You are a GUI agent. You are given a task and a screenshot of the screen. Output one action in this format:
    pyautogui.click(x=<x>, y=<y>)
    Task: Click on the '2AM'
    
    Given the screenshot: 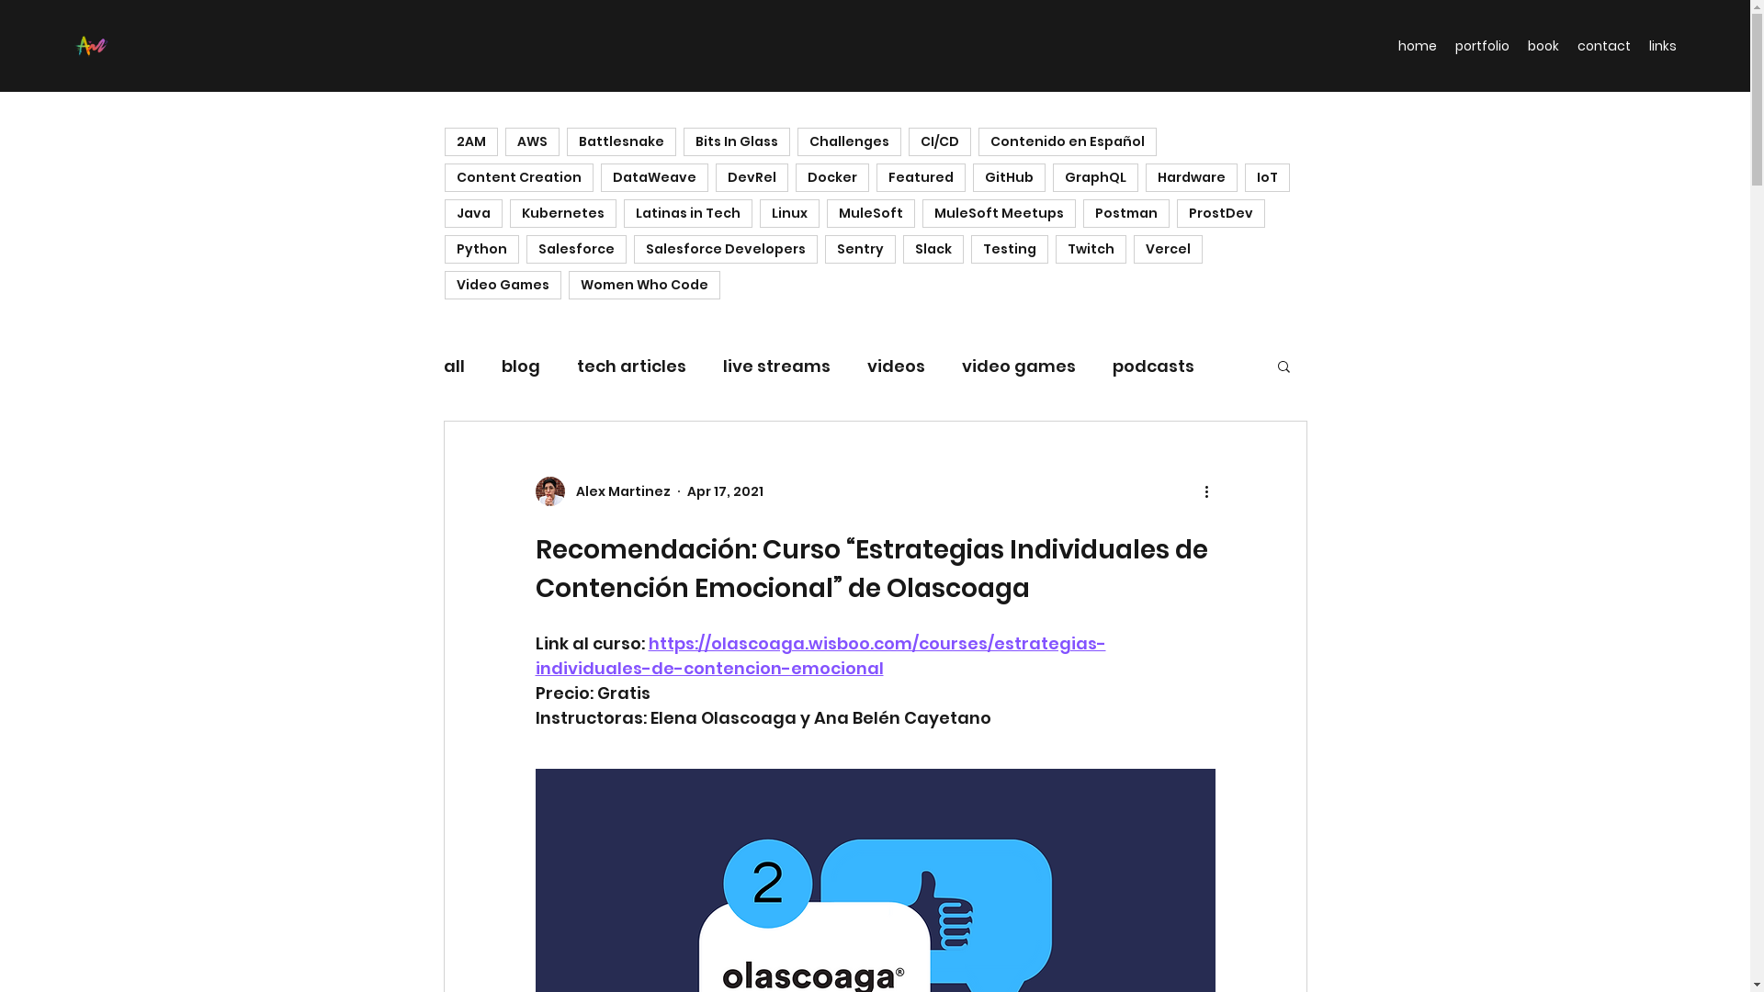 What is the action you would take?
    pyautogui.click(x=471, y=141)
    